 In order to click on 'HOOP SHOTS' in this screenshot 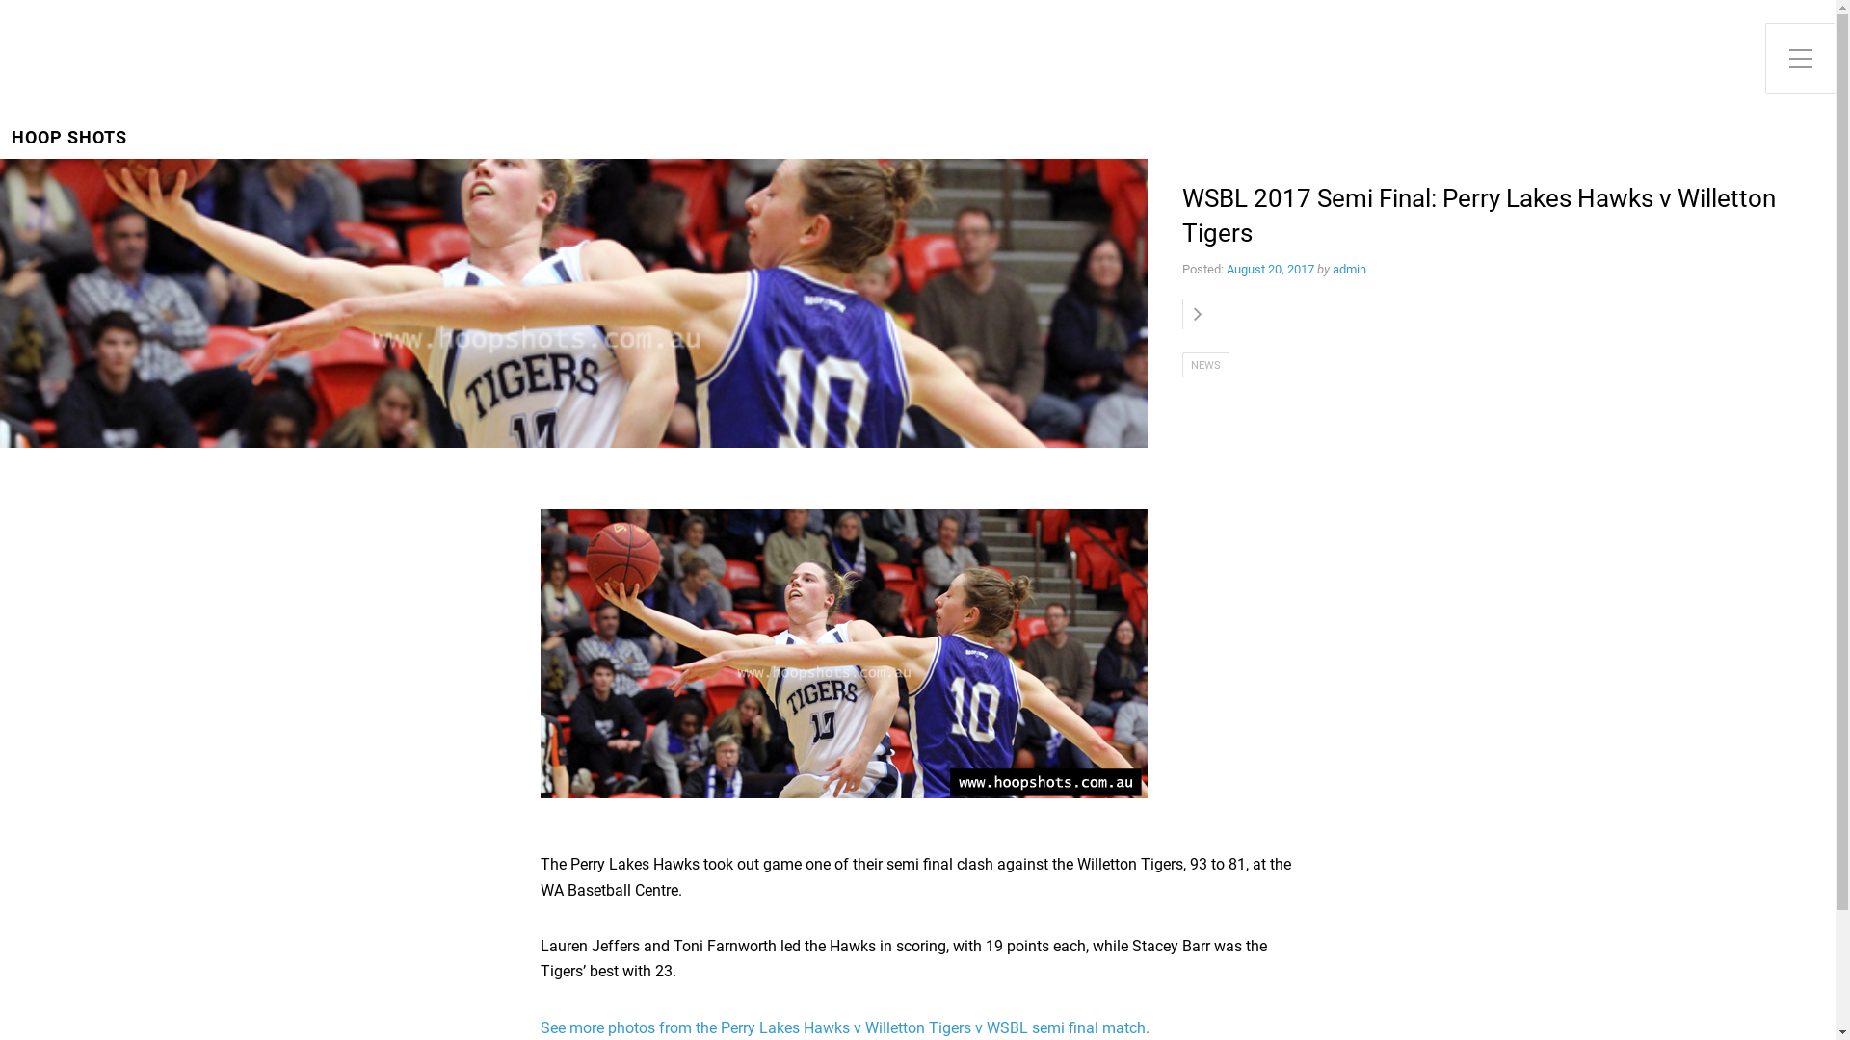, I will do `click(69, 137)`.